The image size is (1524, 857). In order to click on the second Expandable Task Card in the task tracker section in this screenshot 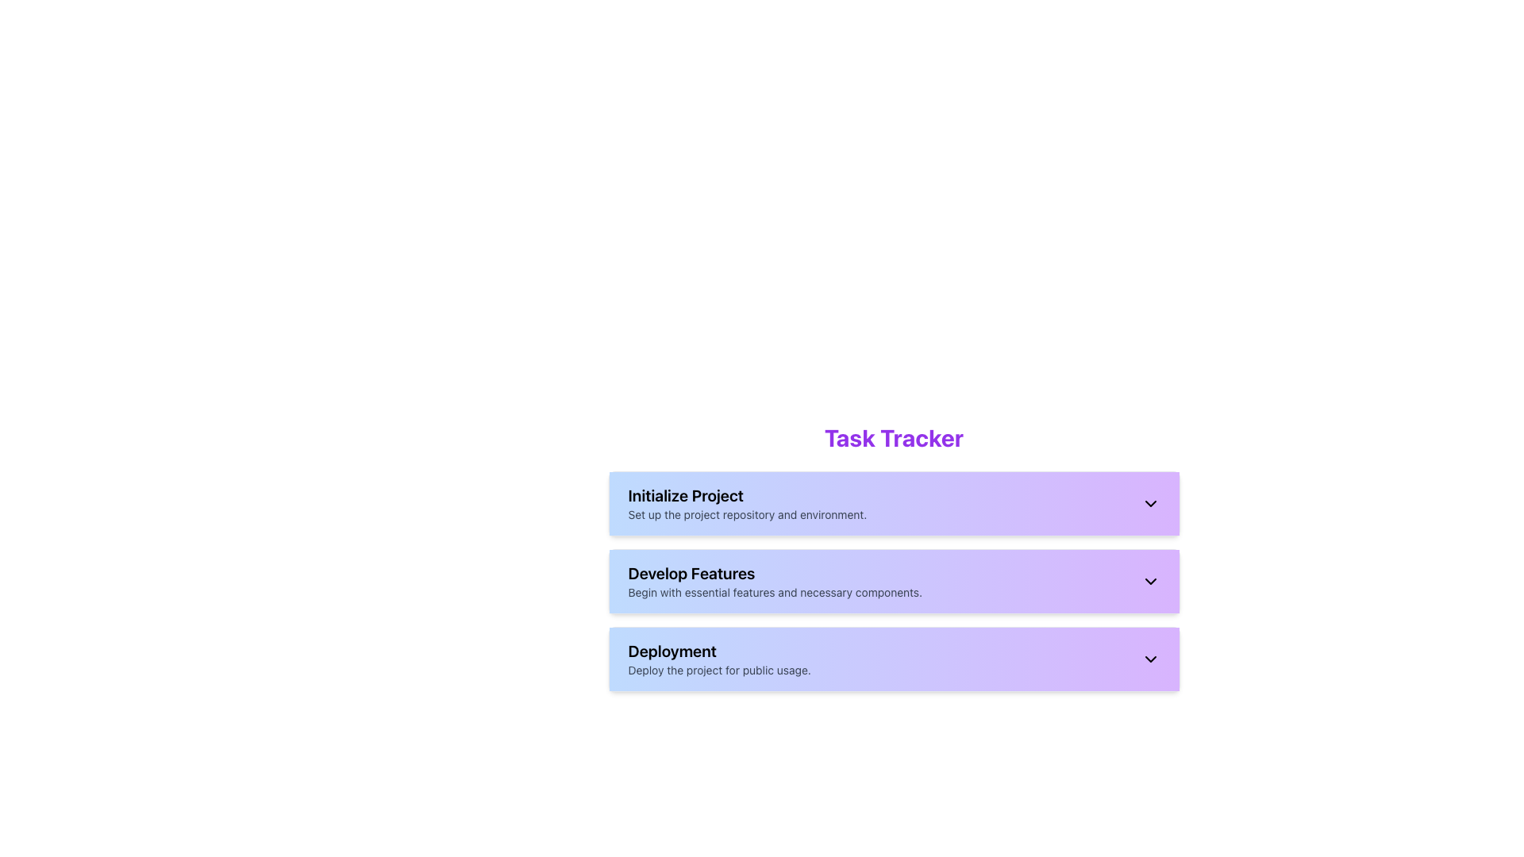, I will do `click(894, 581)`.